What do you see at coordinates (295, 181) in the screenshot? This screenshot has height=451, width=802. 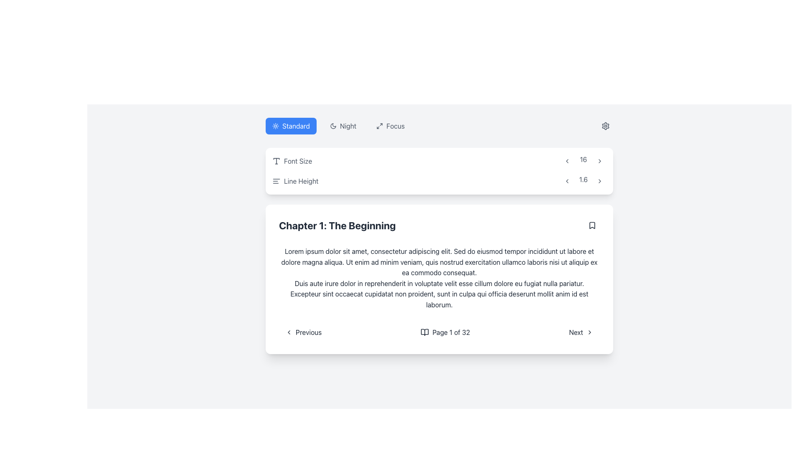 I see `the 'Line Height' text label, which is styled in gray and positioned adjacent to a left-aligned lines icon, located at the beginning of the line height control` at bounding box center [295, 181].